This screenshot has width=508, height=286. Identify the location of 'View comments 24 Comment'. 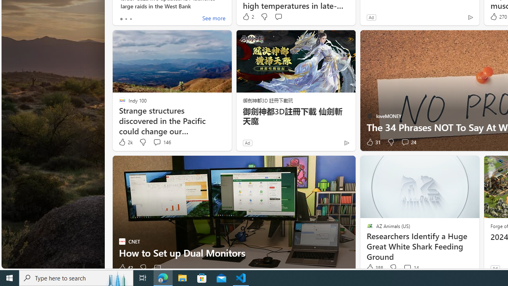
(405, 141).